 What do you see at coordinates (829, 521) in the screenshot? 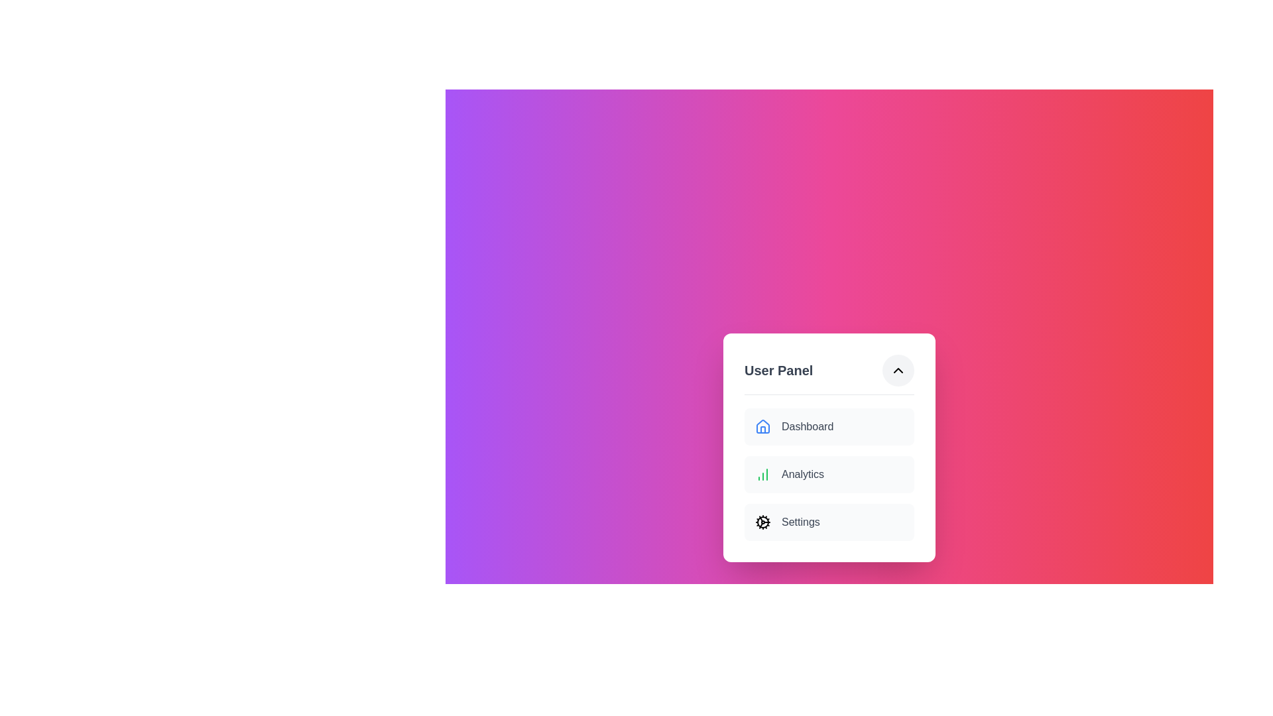
I see `the text 'Settings' in the menu` at bounding box center [829, 521].